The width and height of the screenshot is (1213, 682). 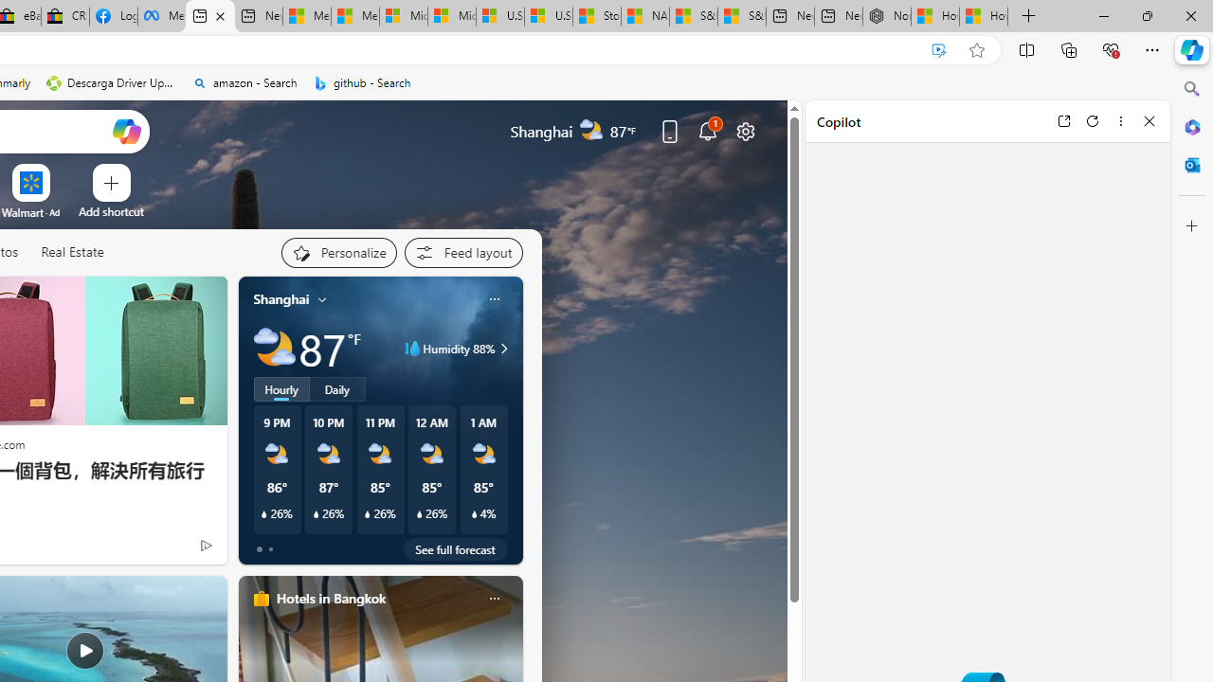 What do you see at coordinates (280, 388) in the screenshot?
I see `'Hourly'` at bounding box center [280, 388].